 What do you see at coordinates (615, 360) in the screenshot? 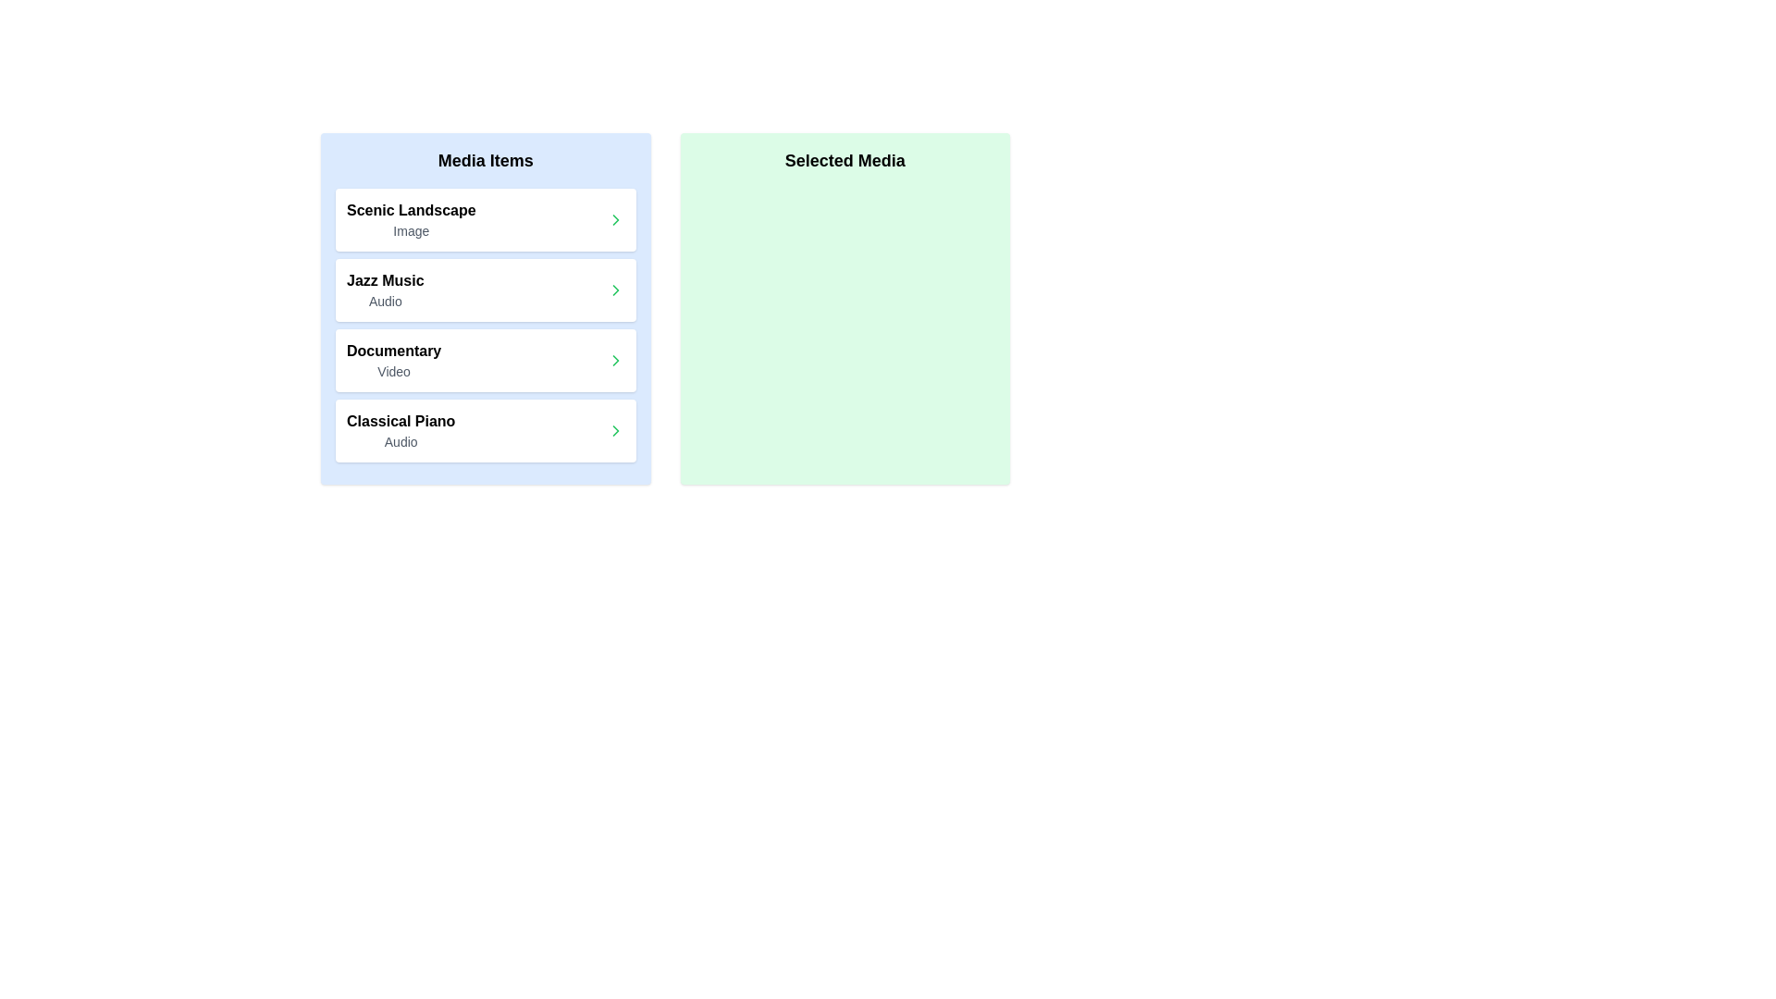
I see `right arrow button next to the item named 'Documentary' in the 'Media Items' list` at bounding box center [615, 360].